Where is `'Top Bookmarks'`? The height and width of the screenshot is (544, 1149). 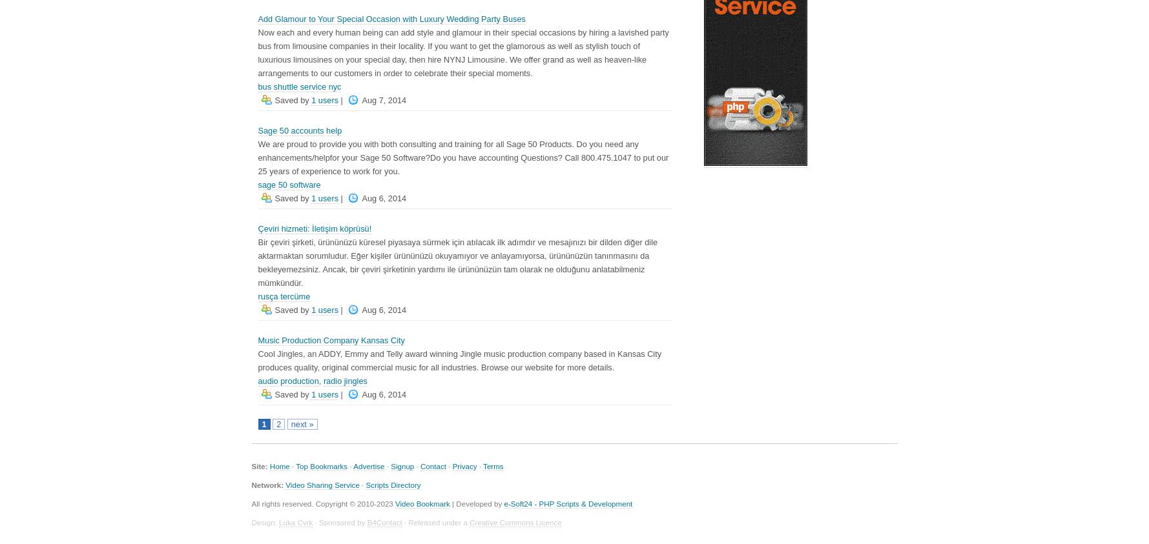
'Top Bookmarks' is located at coordinates (320, 466).